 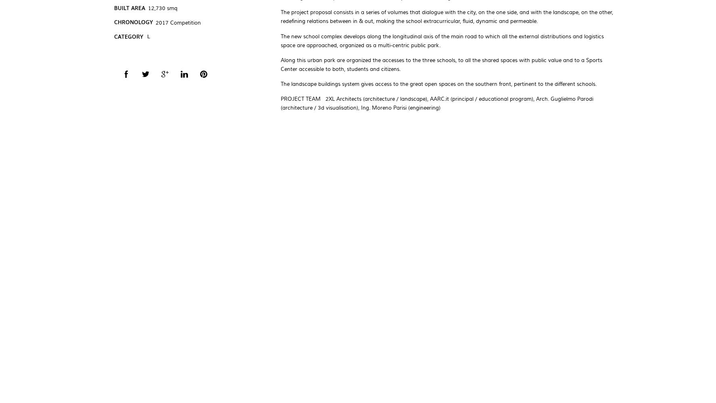 I want to click on 'The new school complex develops along the longitudinal axis of the main road to which all the external distributions and logistics space are approached, organized as a multi-centric public park.', so click(x=442, y=40).